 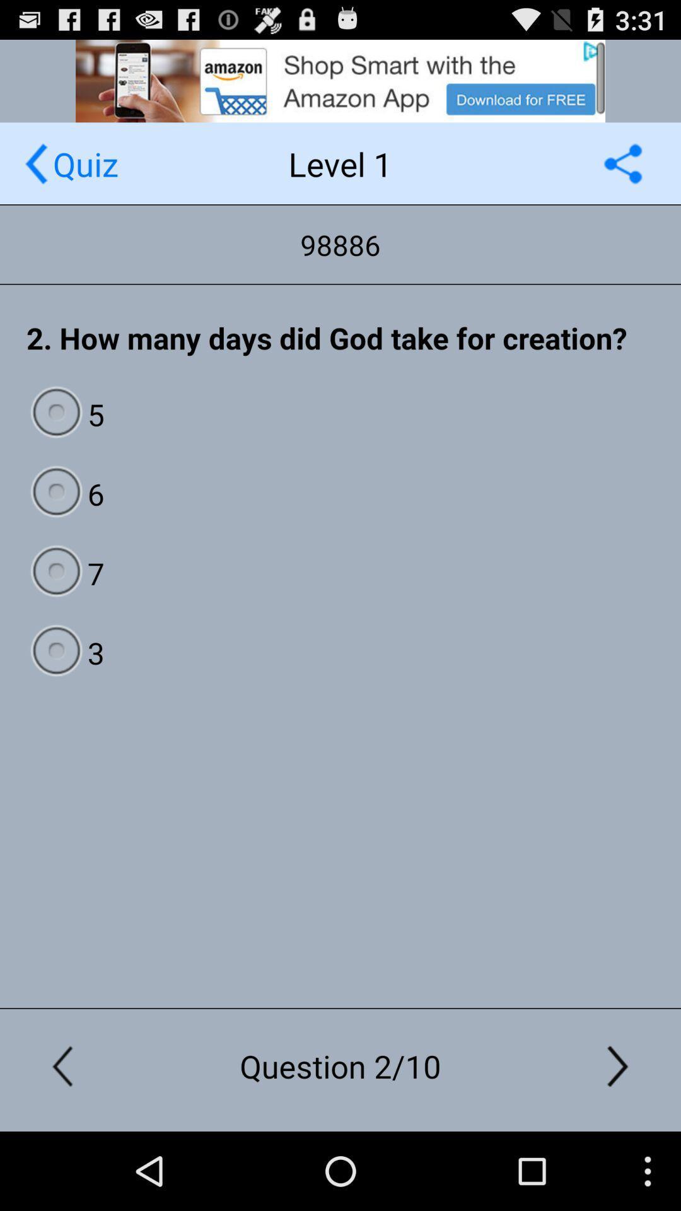 I want to click on shows the share option, so click(x=622, y=163).